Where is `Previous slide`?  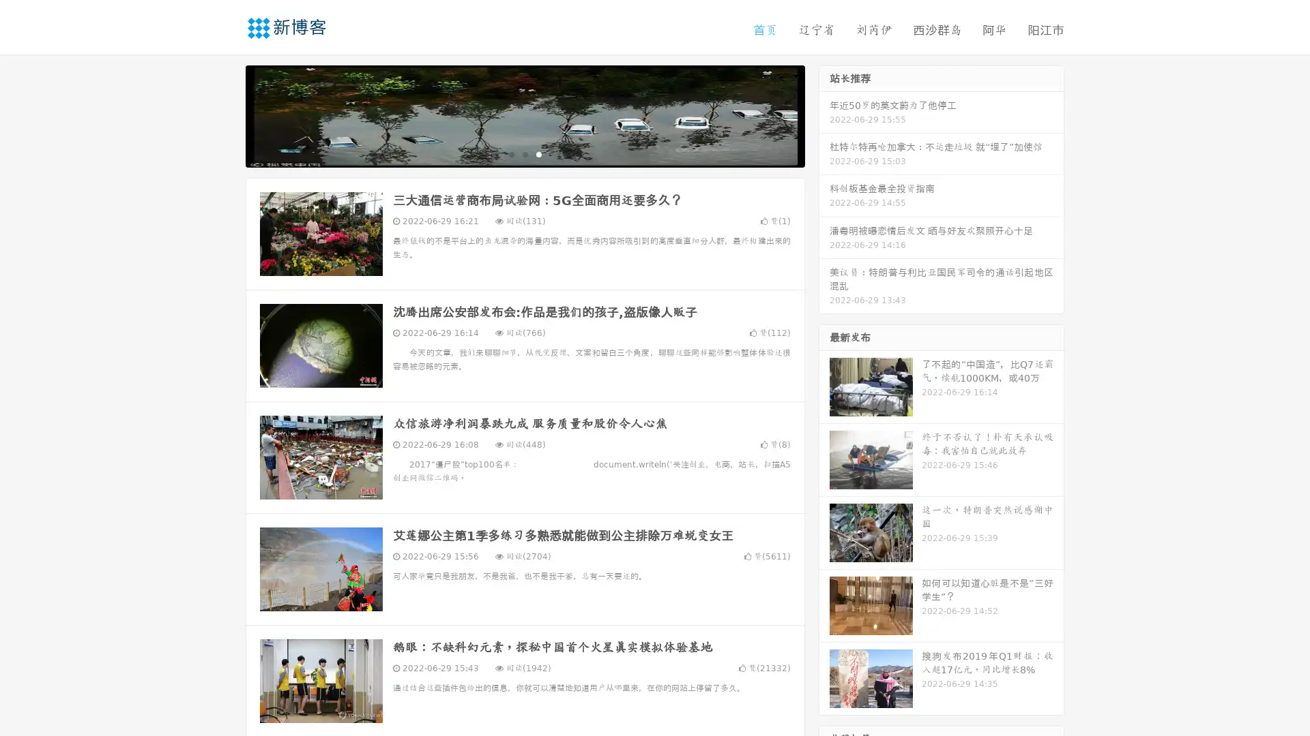 Previous slide is located at coordinates (225, 114).